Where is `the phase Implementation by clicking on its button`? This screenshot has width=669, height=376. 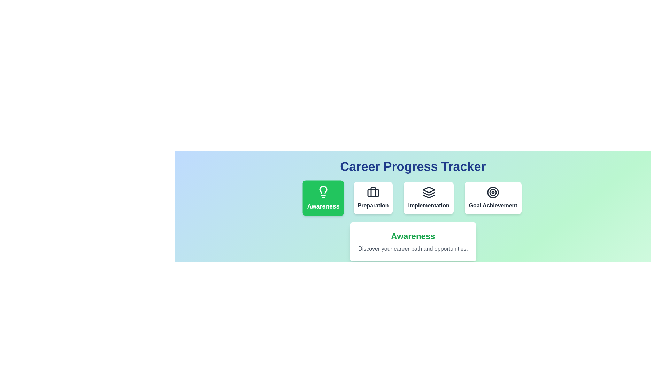 the phase Implementation by clicking on its button is located at coordinates (428, 198).